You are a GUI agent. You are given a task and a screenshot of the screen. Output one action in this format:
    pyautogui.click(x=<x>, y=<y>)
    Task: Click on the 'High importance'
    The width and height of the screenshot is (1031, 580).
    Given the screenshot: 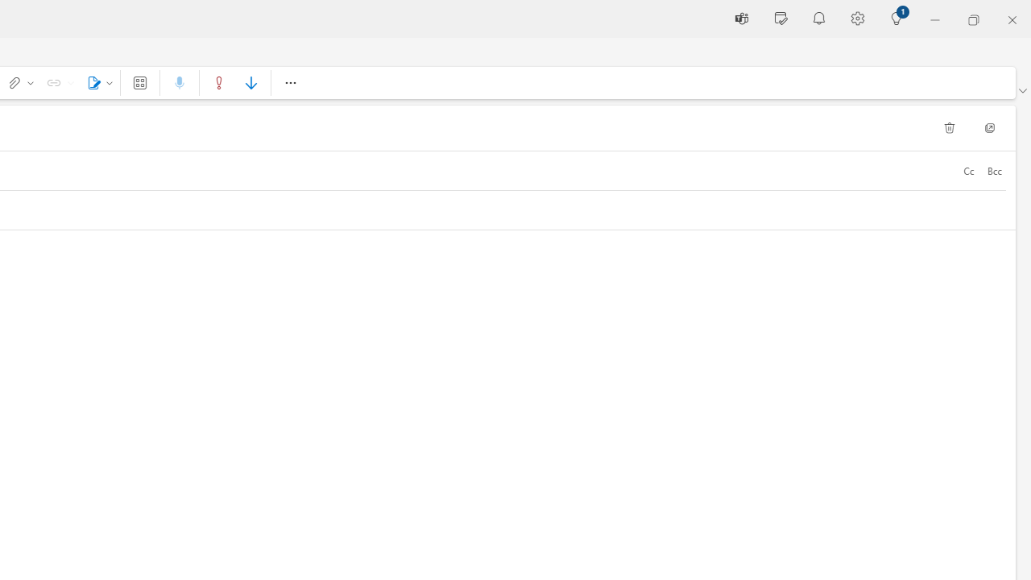 What is the action you would take?
    pyautogui.click(x=218, y=82)
    